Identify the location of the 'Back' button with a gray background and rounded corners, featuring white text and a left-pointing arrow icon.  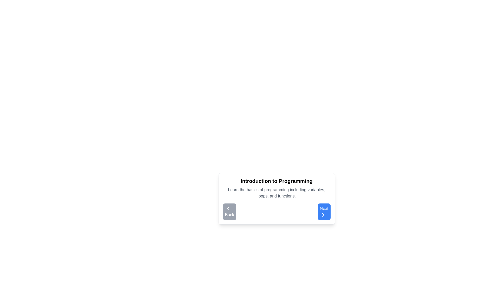
(229, 212).